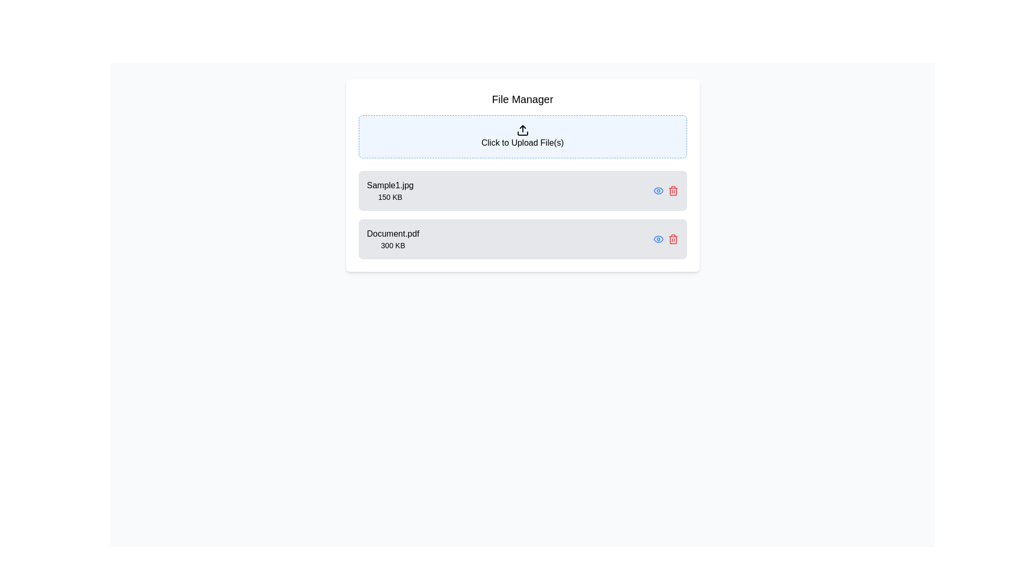 This screenshot has height=568, width=1010. Describe the element at coordinates (392, 233) in the screenshot. I see `the text label displaying 'Document.pdf', which is styled in bold font and aligned to the left, located in the second row of the file manager list` at that location.